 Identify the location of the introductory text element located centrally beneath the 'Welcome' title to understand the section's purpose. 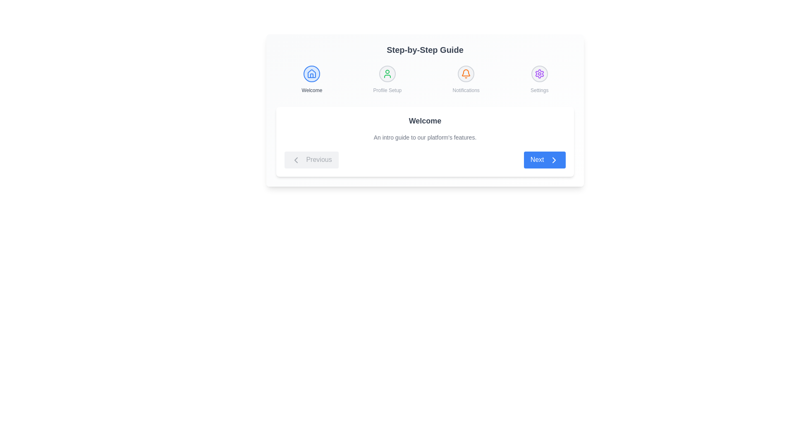
(425, 137).